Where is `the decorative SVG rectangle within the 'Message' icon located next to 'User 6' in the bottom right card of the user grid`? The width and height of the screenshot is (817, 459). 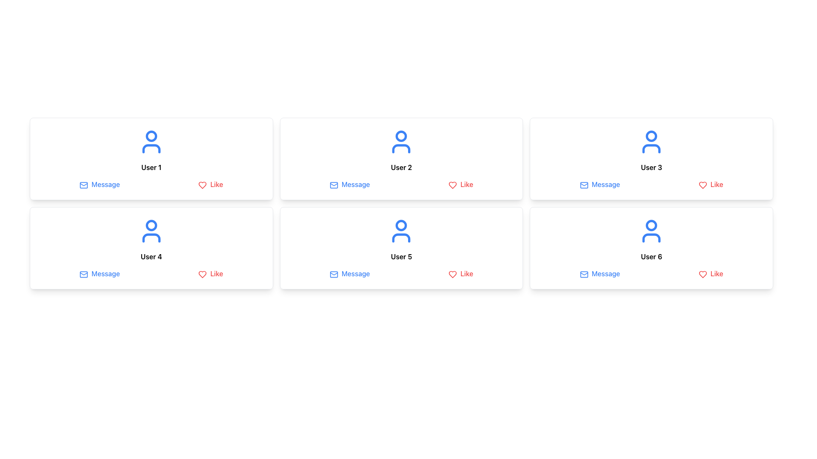 the decorative SVG rectangle within the 'Message' icon located next to 'User 6' in the bottom right card of the user grid is located at coordinates (583, 274).